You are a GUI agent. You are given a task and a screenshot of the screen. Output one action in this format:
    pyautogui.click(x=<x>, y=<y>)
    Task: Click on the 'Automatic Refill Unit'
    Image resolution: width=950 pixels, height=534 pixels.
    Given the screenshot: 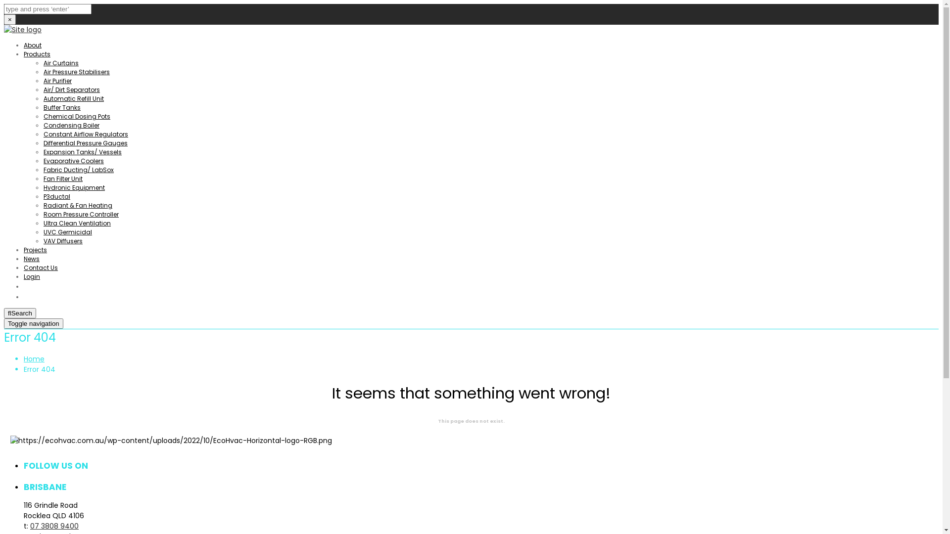 What is the action you would take?
    pyautogui.click(x=43, y=98)
    